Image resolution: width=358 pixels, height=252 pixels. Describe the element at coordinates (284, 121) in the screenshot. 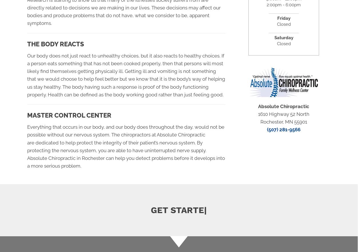

I see `'Rochester, MN 55901'` at that location.